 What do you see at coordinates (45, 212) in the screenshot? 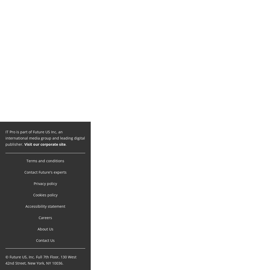
I see `'Careers'` at bounding box center [45, 212].